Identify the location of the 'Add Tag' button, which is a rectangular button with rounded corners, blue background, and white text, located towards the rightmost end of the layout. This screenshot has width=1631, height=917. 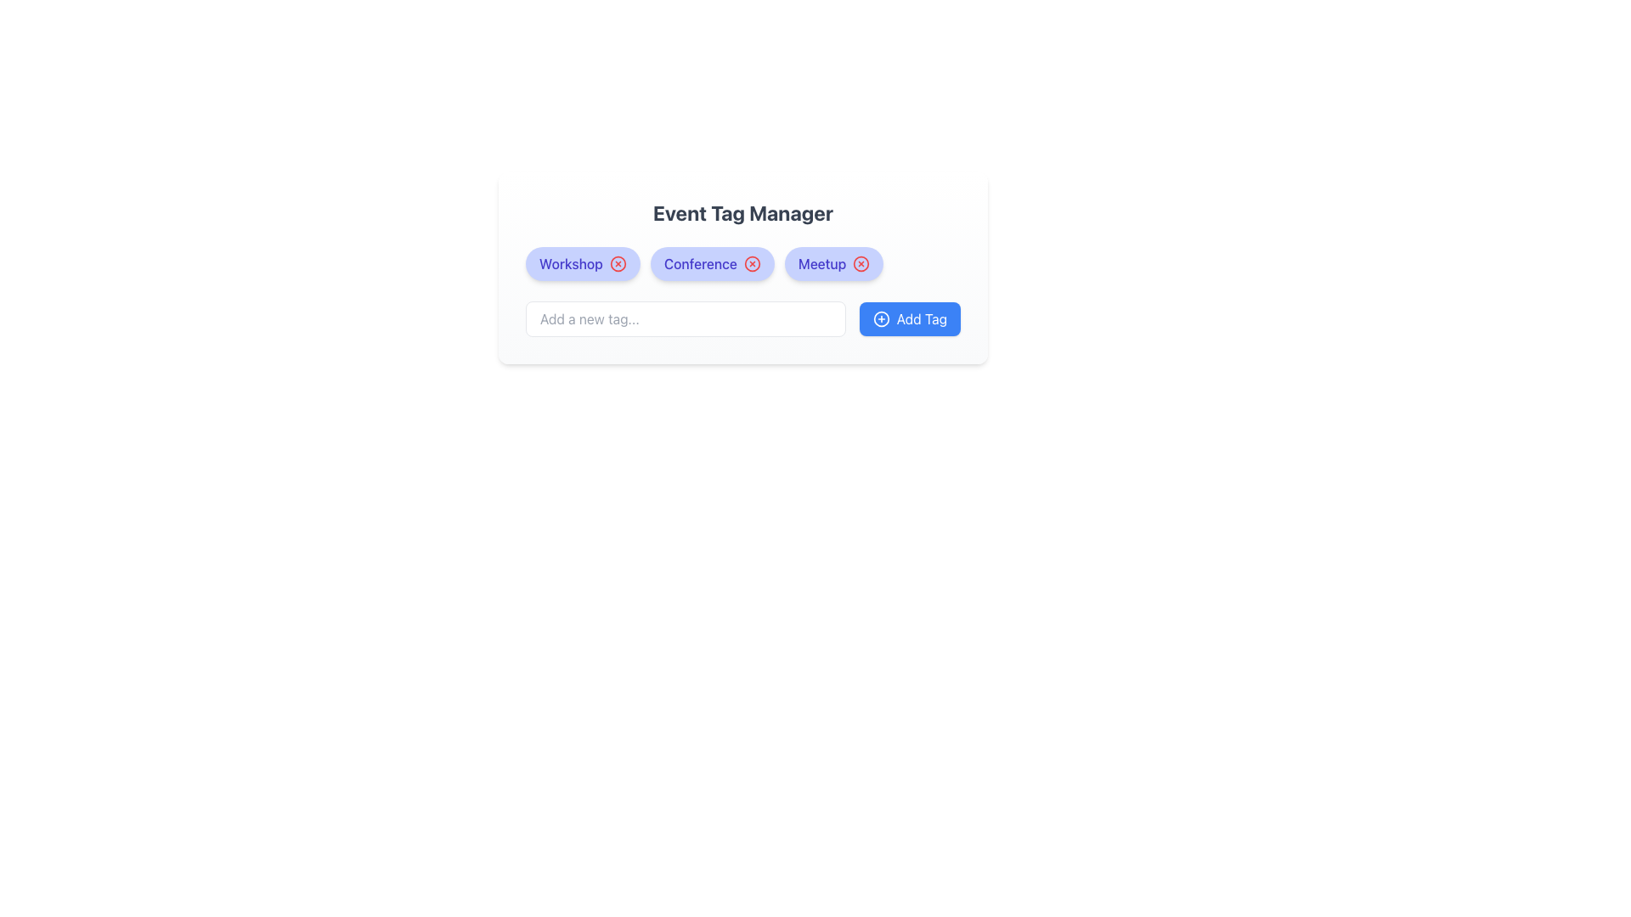
(909, 318).